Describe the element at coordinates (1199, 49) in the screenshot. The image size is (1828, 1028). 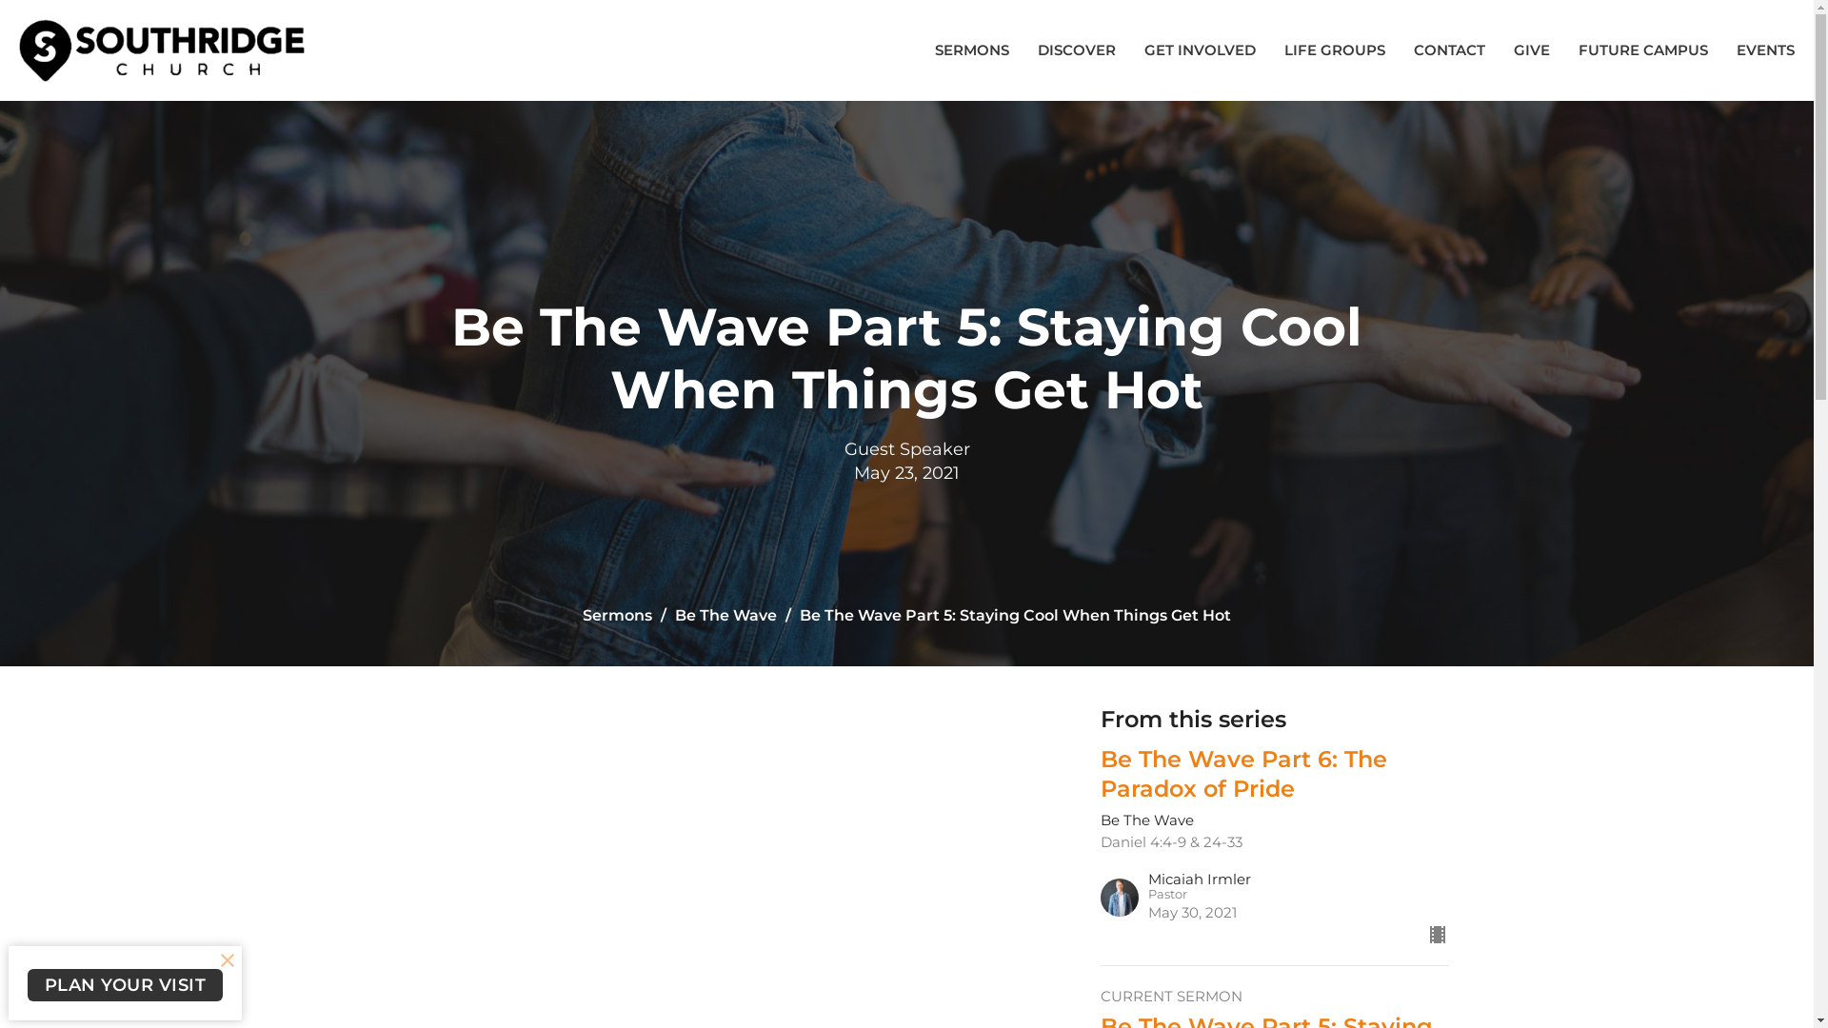
I see `'GET INVOLVED'` at that location.